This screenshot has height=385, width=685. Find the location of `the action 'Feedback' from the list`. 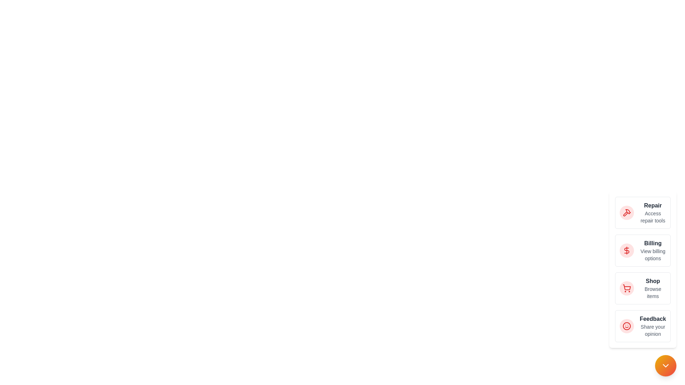

the action 'Feedback' from the list is located at coordinates (643, 326).